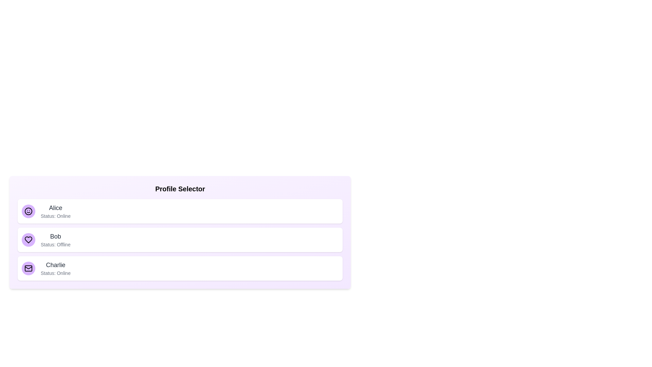 The height and width of the screenshot is (367, 652). Describe the element at coordinates (180, 268) in the screenshot. I see `the profile named Charlie to select it` at that location.